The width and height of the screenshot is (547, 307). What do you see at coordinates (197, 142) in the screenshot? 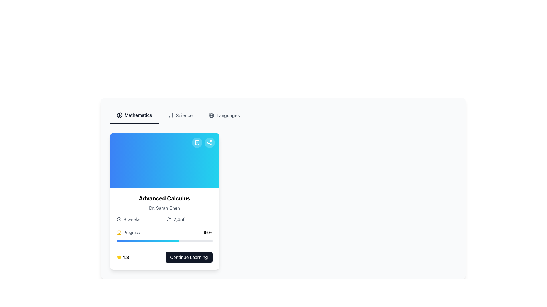
I see `the bookmark icon located at the top-right corner of the card interface` at bounding box center [197, 142].